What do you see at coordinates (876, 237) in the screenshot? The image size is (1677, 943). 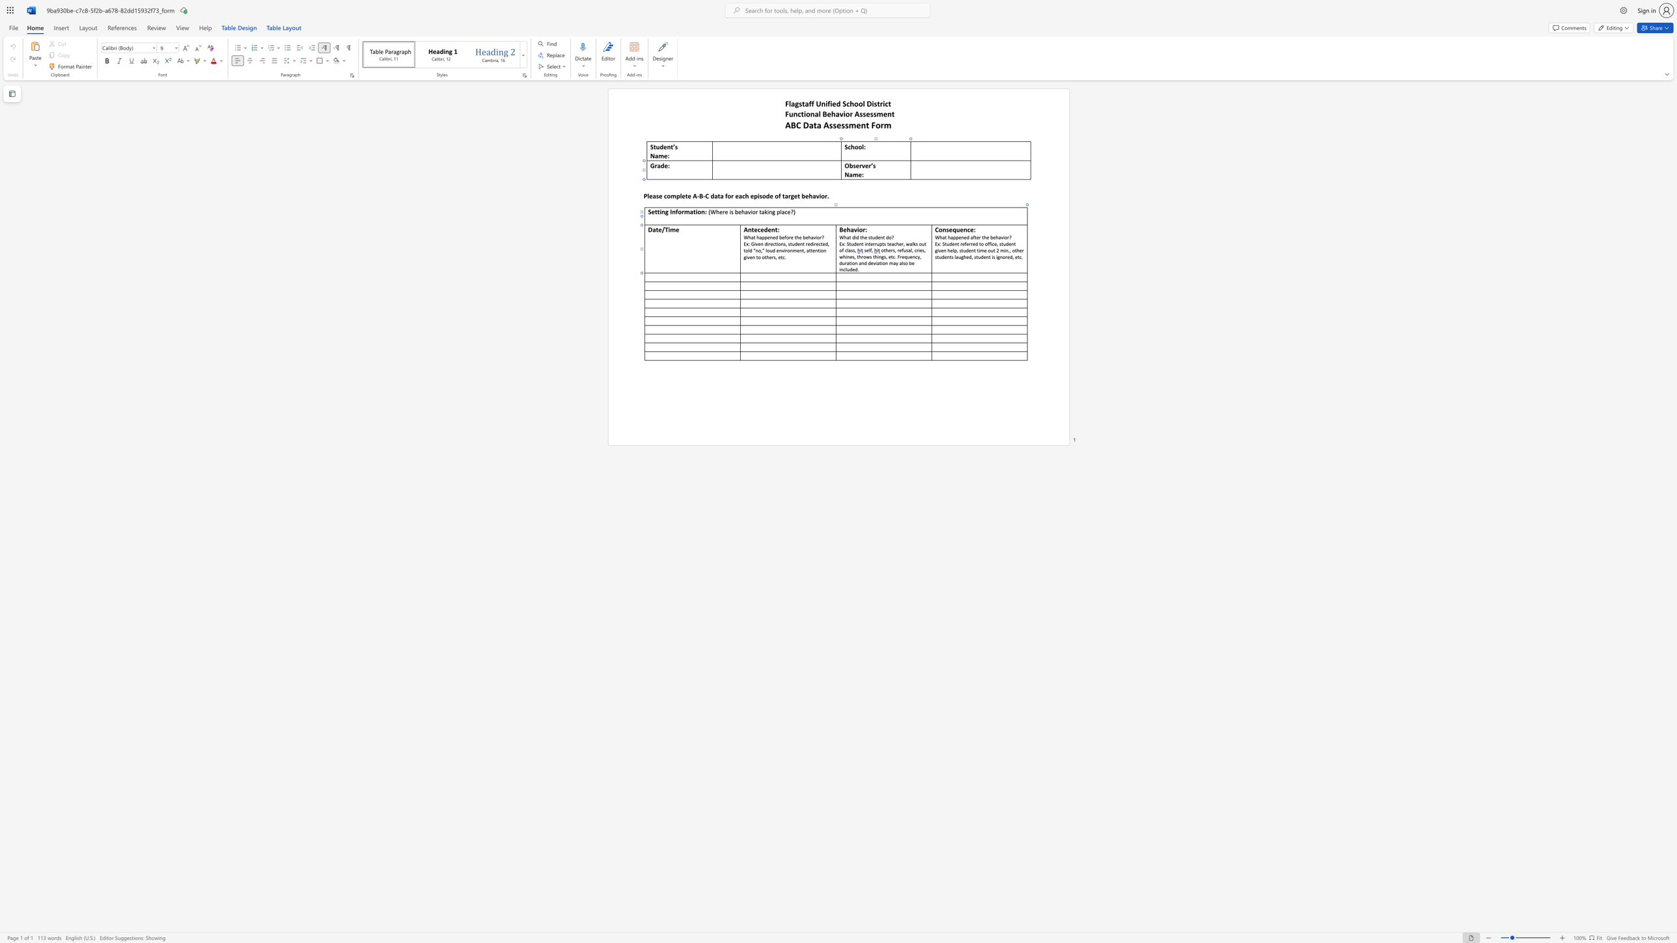 I see `the 3th character "d" in the text` at bounding box center [876, 237].